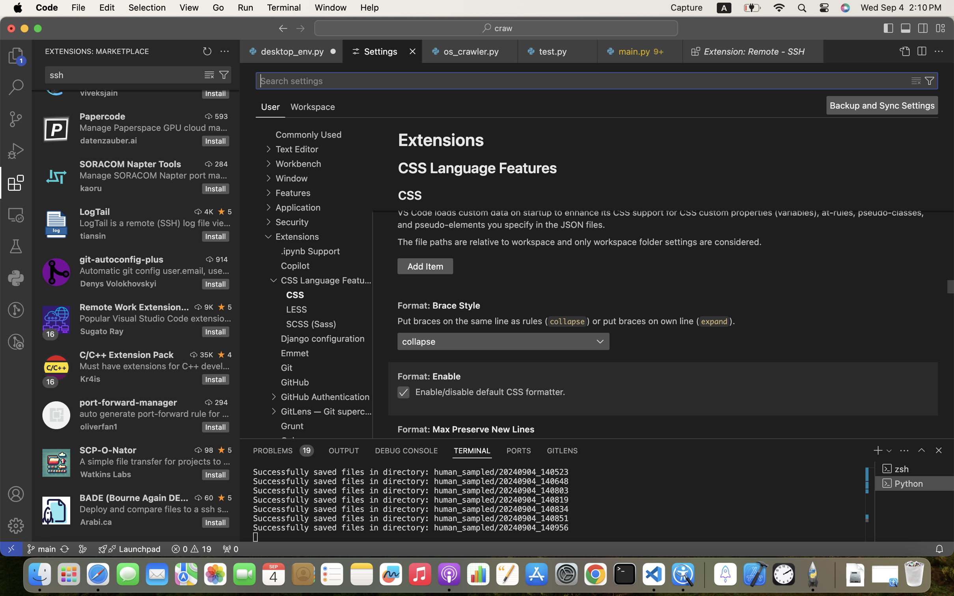 The height and width of the screenshot is (596, 954). I want to click on '35K', so click(206, 355).